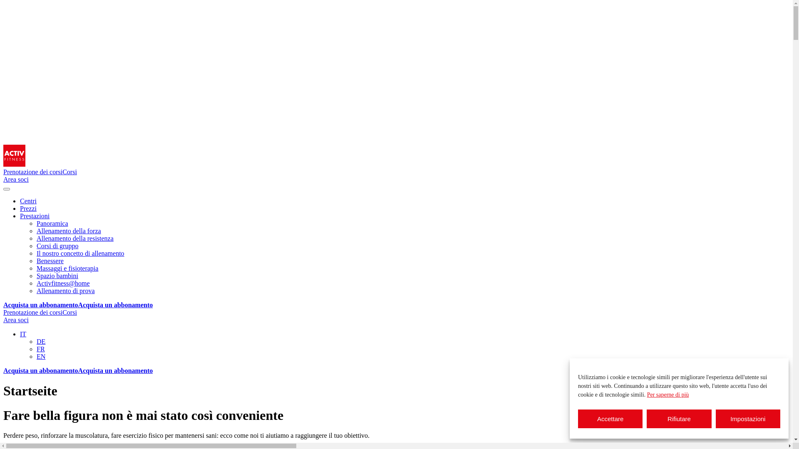 This screenshot has width=799, height=449. I want to click on 'Impostazioni', so click(748, 419).